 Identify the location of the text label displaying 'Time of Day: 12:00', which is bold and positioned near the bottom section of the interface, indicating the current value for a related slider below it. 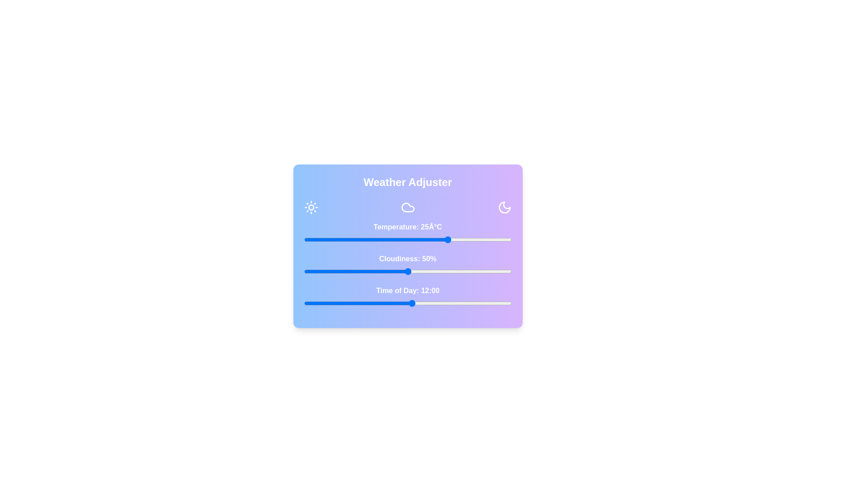
(407, 290).